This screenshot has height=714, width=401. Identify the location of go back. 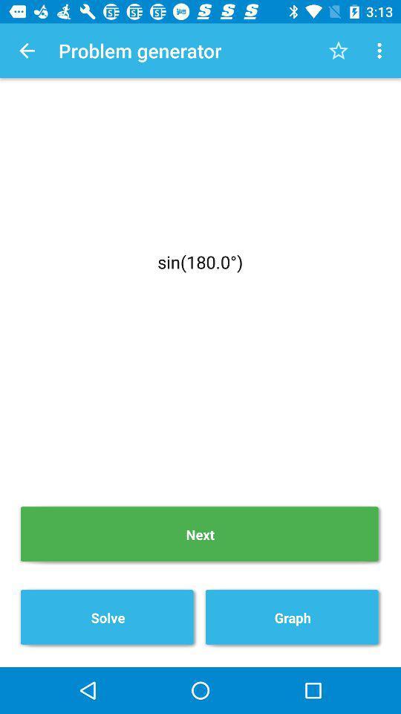
(27, 51).